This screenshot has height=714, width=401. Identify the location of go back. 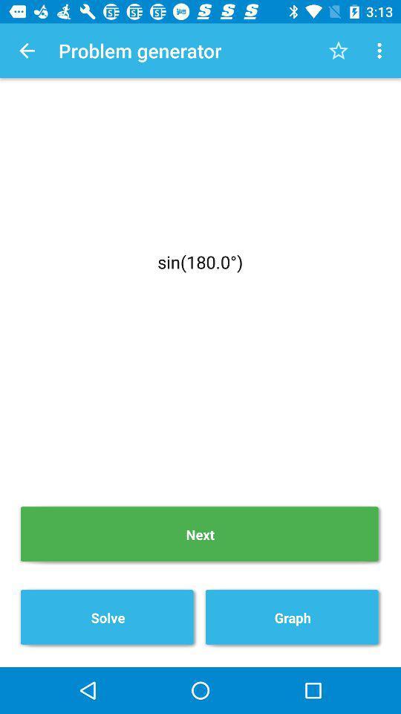
(27, 51).